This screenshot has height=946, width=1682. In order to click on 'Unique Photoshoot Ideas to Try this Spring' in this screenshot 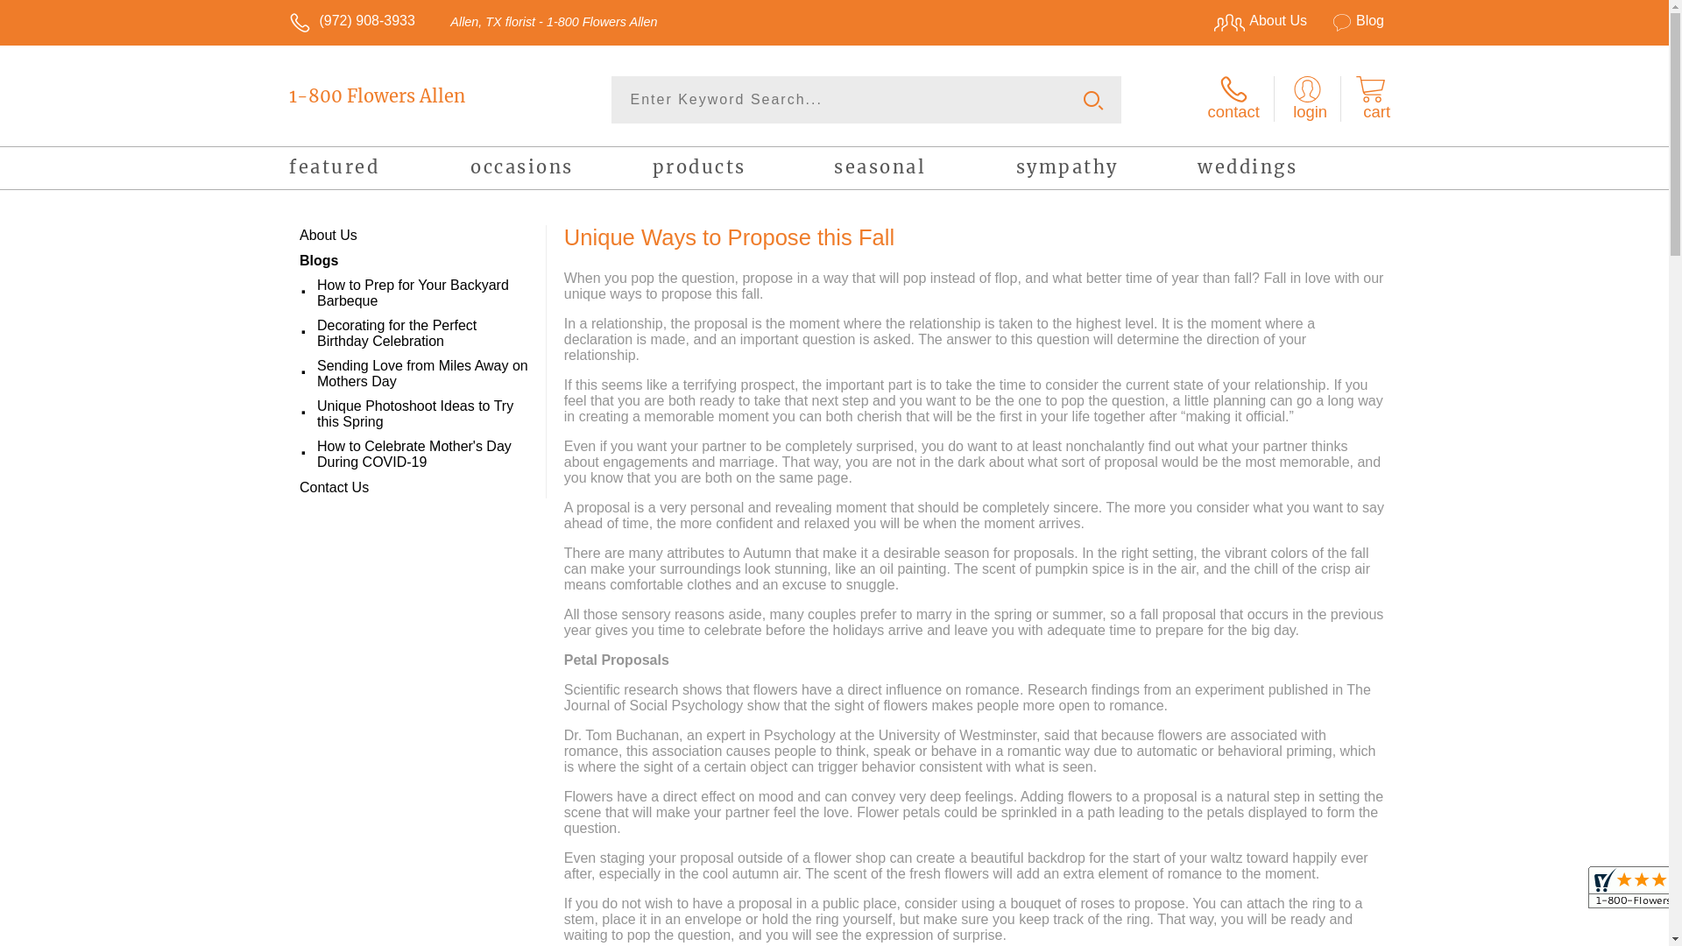, I will do `click(424, 414)`.